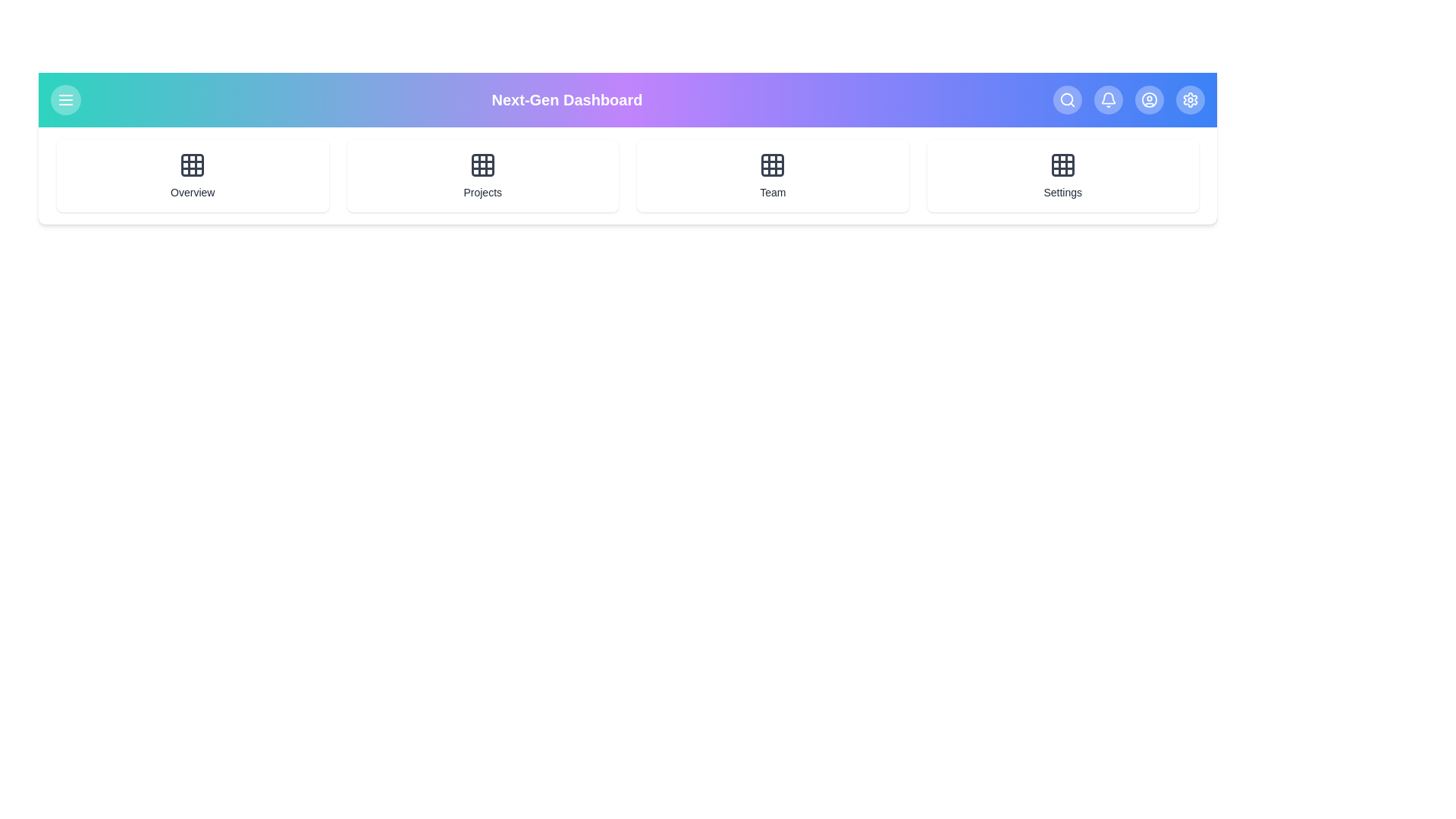 This screenshot has width=1456, height=819. I want to click on the grid item labeled Team to navigate to that section, so click(773, 174).